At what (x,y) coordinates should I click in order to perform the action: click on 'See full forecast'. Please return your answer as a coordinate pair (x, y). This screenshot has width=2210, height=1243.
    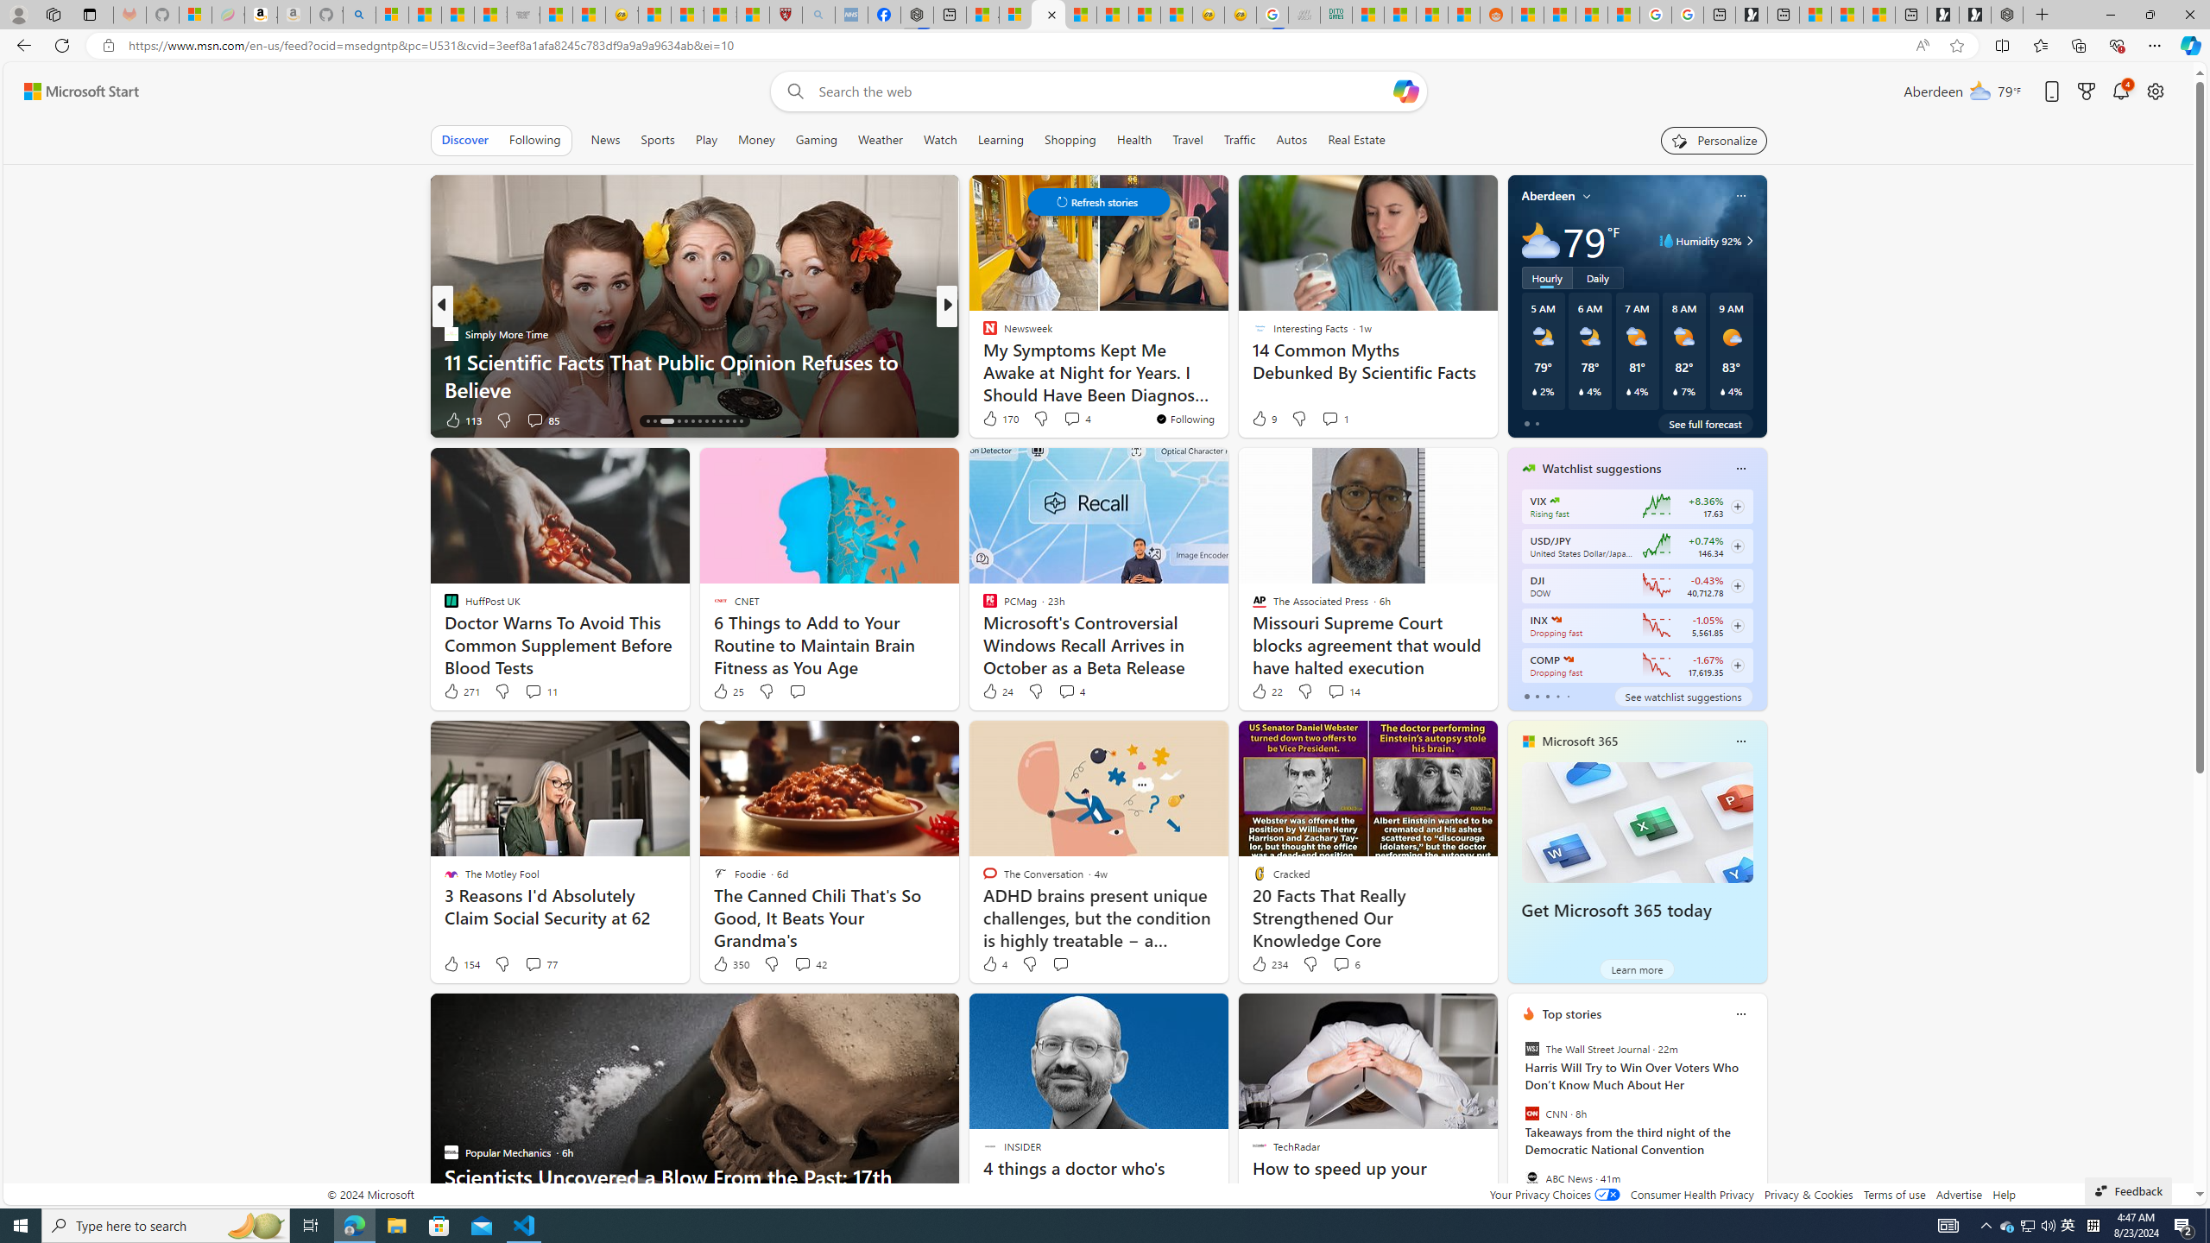
    Looking at the image, I should click on (1704, 423).